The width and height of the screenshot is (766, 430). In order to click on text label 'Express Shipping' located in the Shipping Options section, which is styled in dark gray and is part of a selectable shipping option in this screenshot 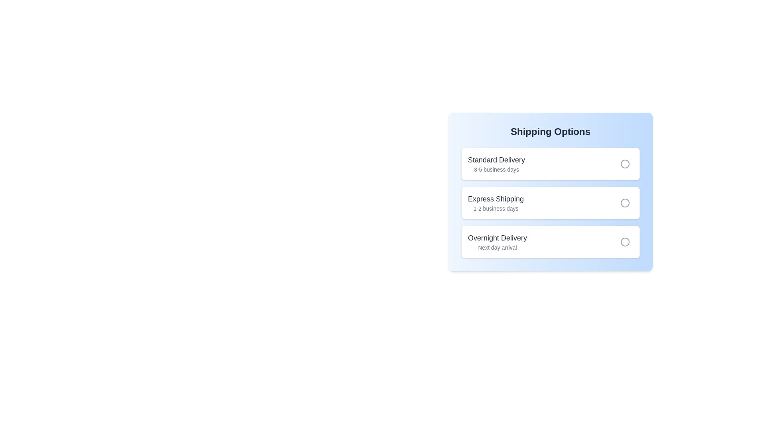, I will do `click(496, 199)`.